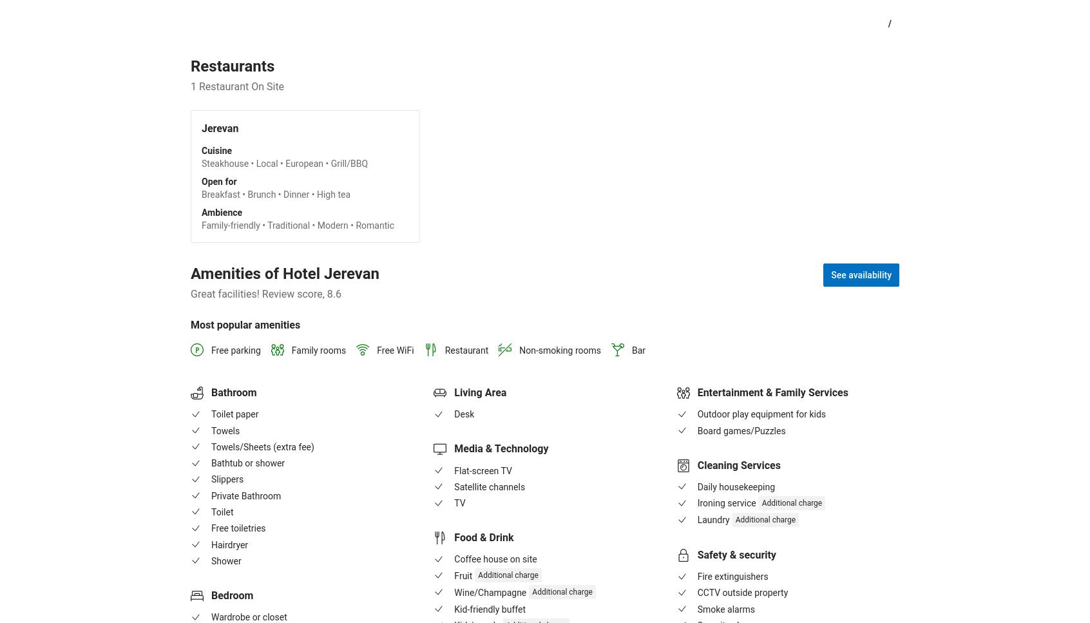 This screenshot has width=1090, height=623. I want to click on 'Cuisine', so click(216, 150).